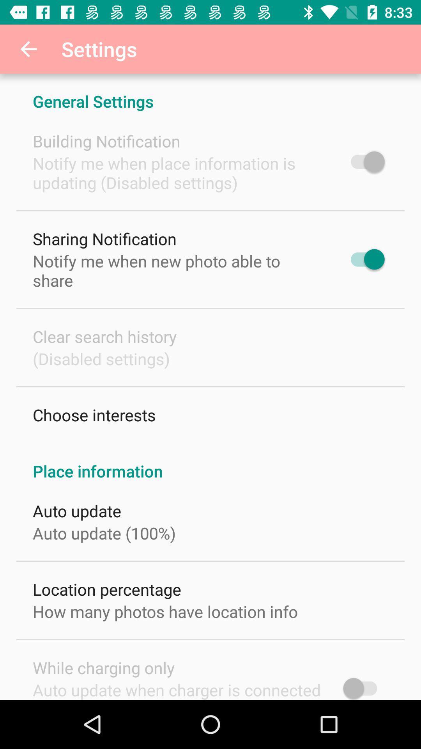 The width and height of the screenshot is (421, 749). Describe the element at coordinates (103, 667) in the screenshot. I see `the while charging only` at that location.